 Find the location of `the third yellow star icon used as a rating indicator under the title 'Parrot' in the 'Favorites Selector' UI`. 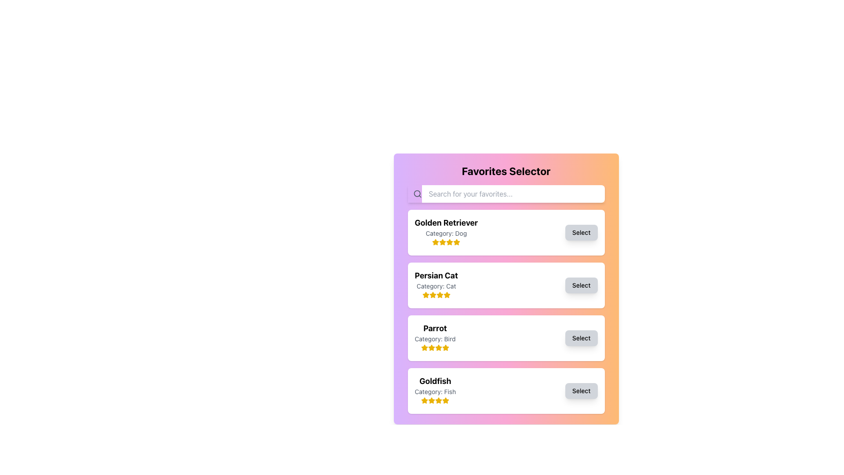

the third yellow star icon used as a rating indicator under the title 'Parrot' in the 'Favorites Selector' UI is located at coordinates (424, 347).